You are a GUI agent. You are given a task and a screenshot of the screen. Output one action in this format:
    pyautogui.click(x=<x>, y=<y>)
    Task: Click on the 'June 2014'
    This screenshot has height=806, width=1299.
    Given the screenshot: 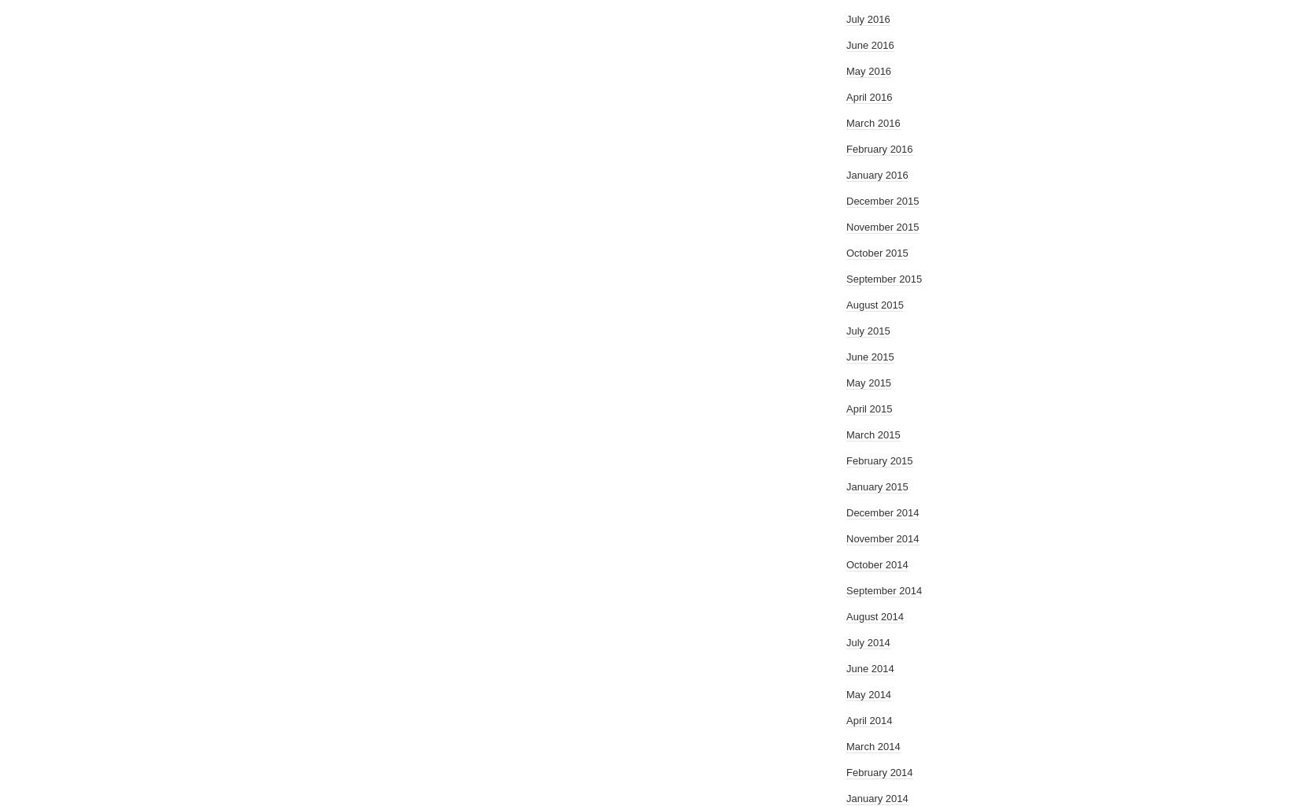 What is the action you would take?
    pyautogui.click(x=870, y=667)
    